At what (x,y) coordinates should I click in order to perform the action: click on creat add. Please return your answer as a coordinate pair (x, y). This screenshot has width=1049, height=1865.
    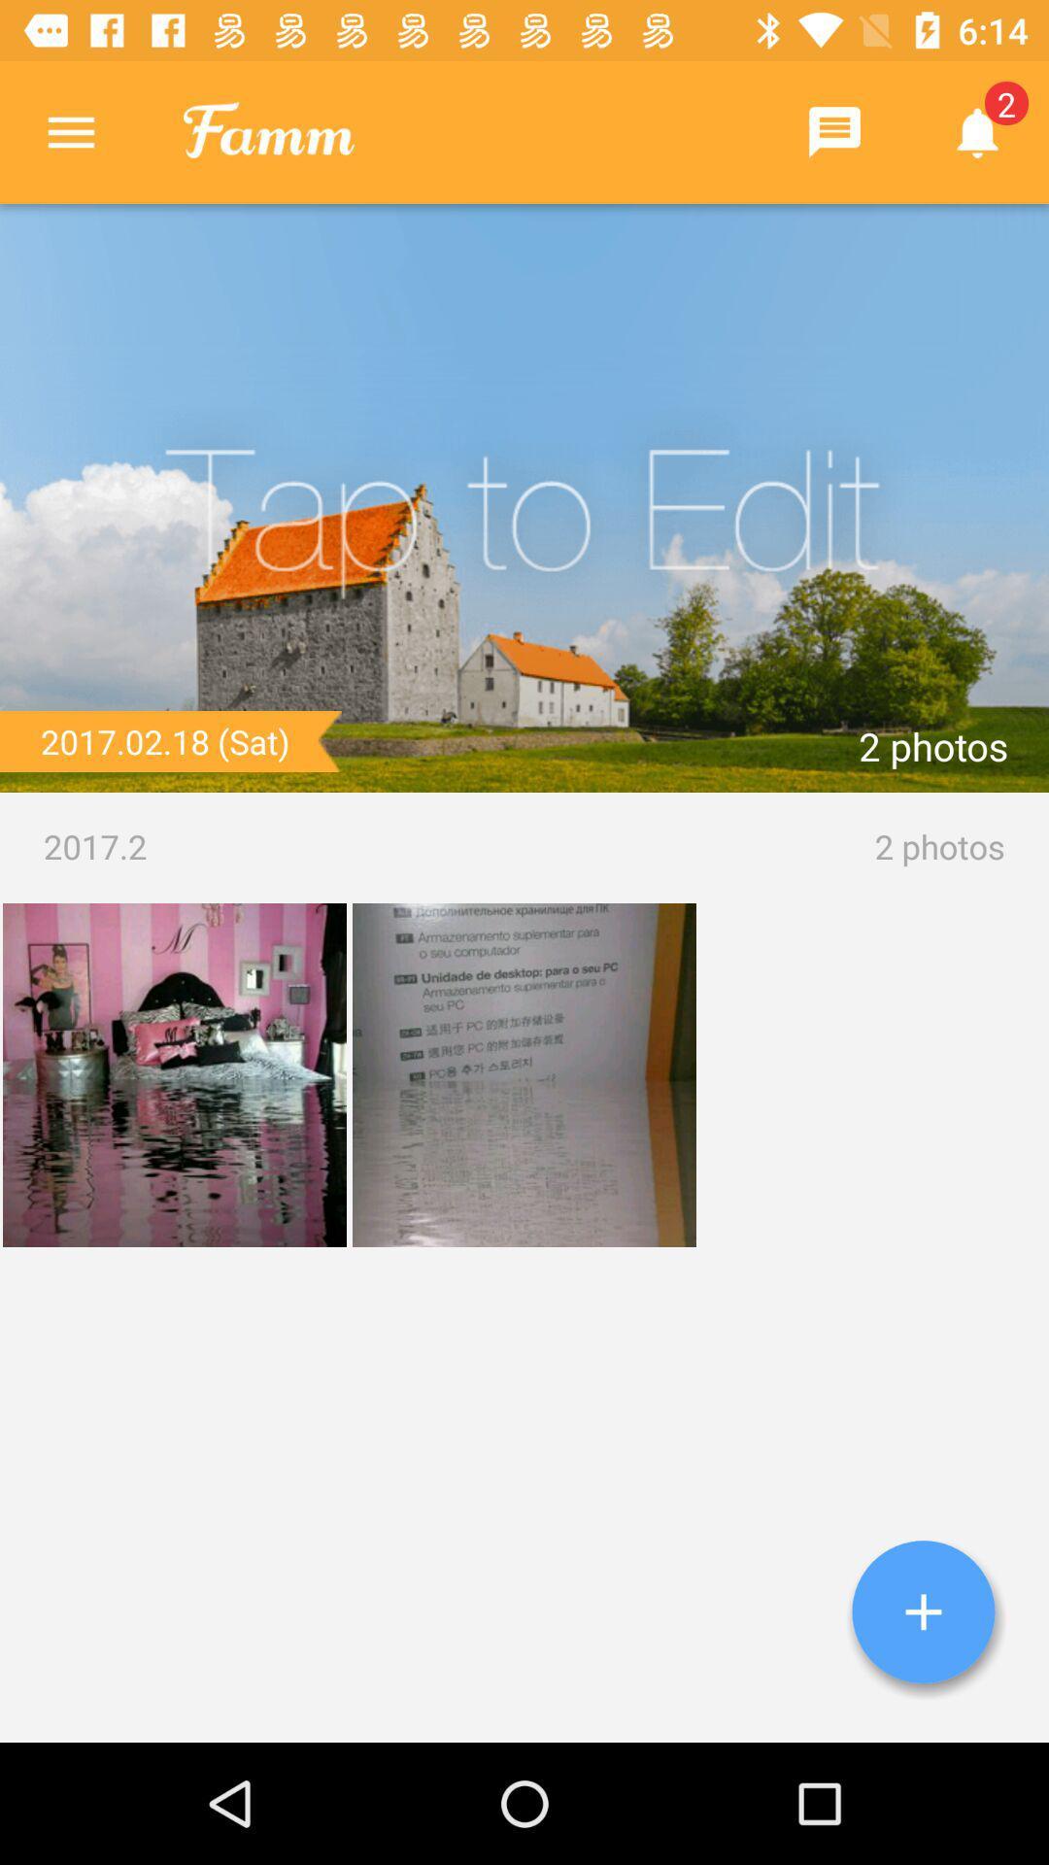
    Looking at the image, I should click on (923, 1611).